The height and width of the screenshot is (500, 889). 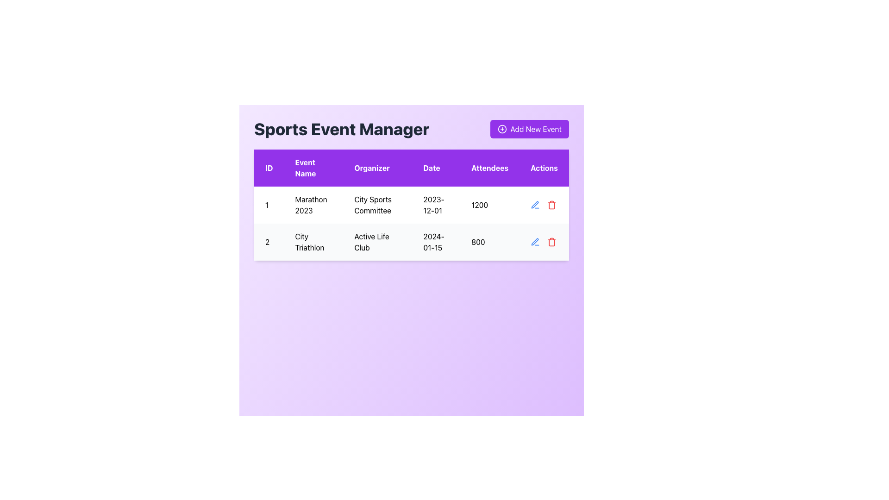 What do you see at coordinates (313, 205) in the screenshot?
I see `the table cell content displaying the event name 'Marathon 2023' located in the second column of the first row of the data table` at bounding box center [313, 205].